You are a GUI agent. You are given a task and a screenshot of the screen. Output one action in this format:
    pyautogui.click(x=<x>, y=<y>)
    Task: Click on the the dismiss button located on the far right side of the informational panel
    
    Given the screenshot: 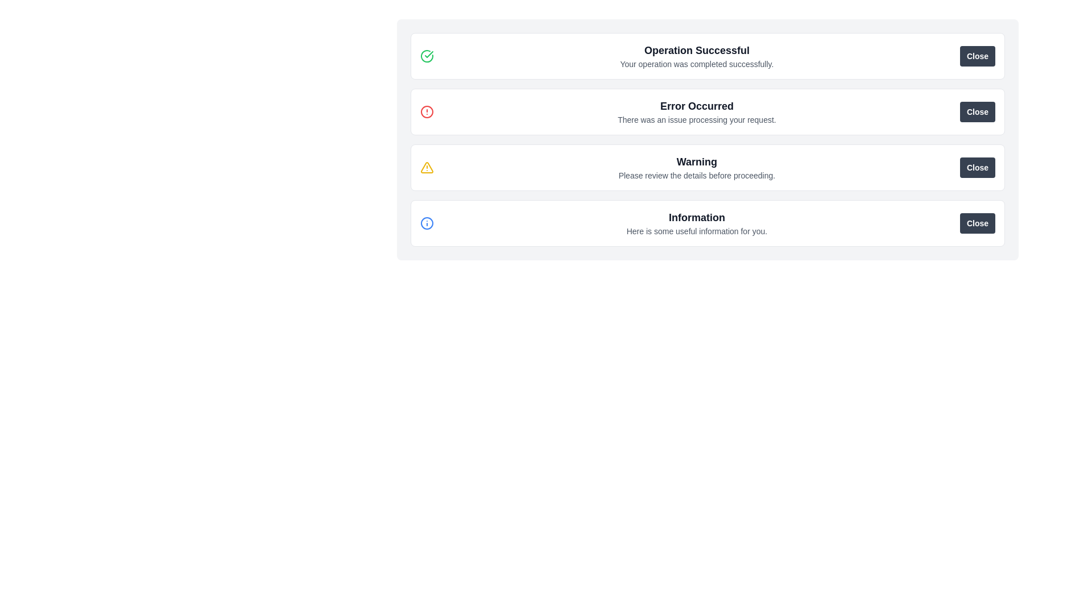 What is the action you would take?
    pyautogui.click(x=977, y=223)
    